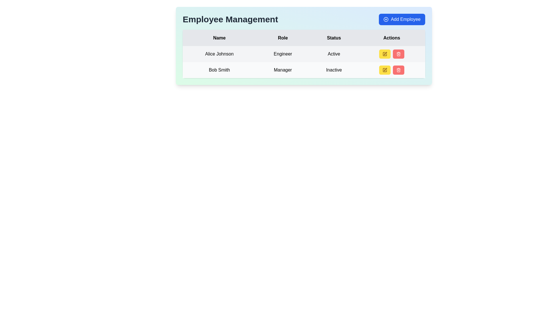 The height and width of the screenshot is (309, 549). What do you see at coordinates (283, 70) in the screenshot?
I see `the Text Label indicating the role of the employee in the second row of the table, located under the 'Role' header, adjacent to 'Bob Smith' and 'Inactive'` at bounding box center [283, 70].